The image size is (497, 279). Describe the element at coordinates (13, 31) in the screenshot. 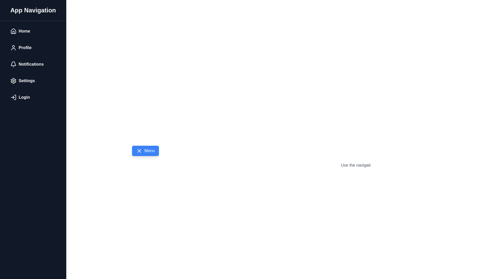

I see `the house-shaped icon in the vertical navigation menu labeled 'Home'` at that location.